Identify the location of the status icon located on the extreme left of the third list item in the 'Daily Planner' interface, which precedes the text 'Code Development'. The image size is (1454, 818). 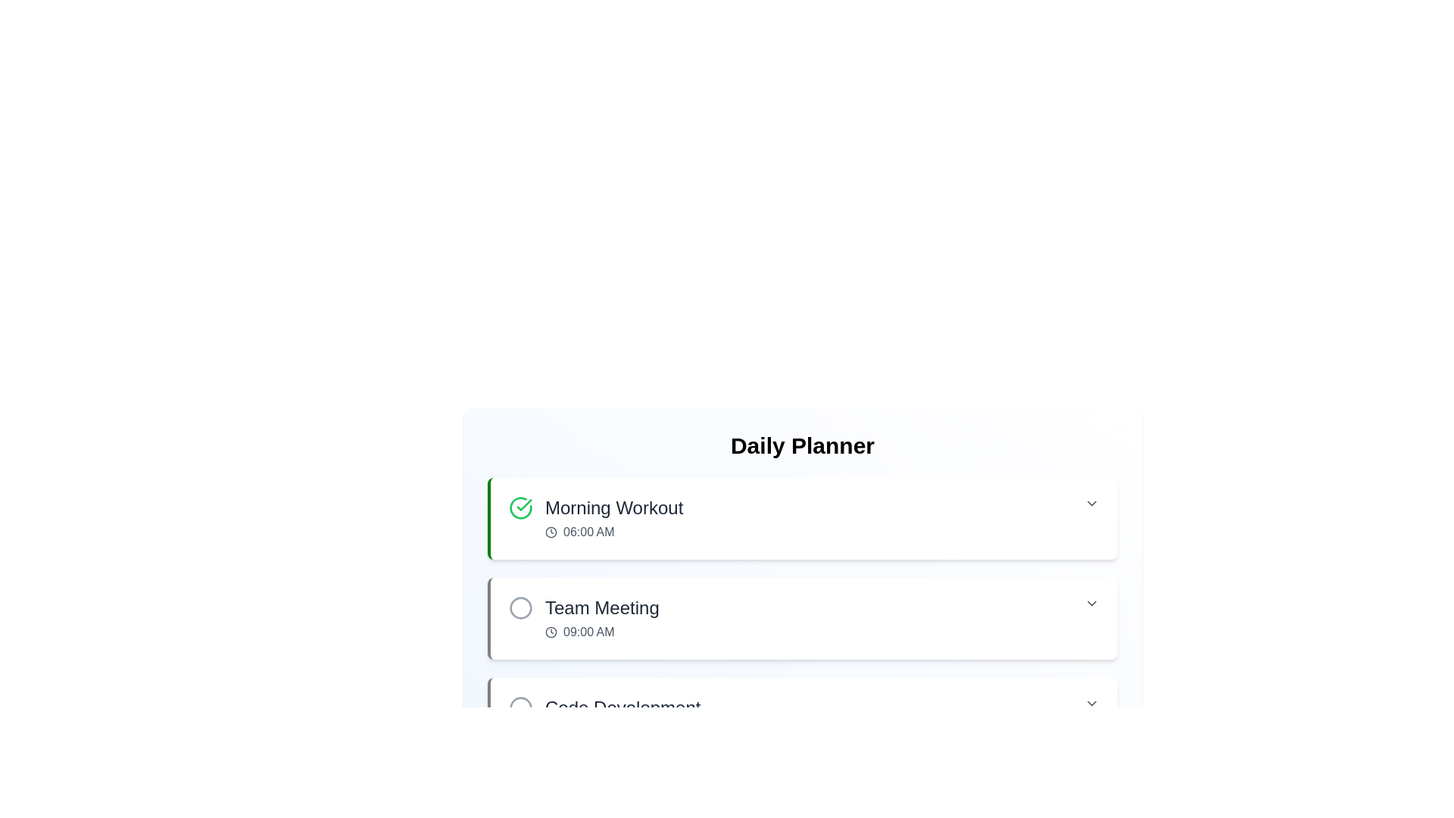
(520, 707).